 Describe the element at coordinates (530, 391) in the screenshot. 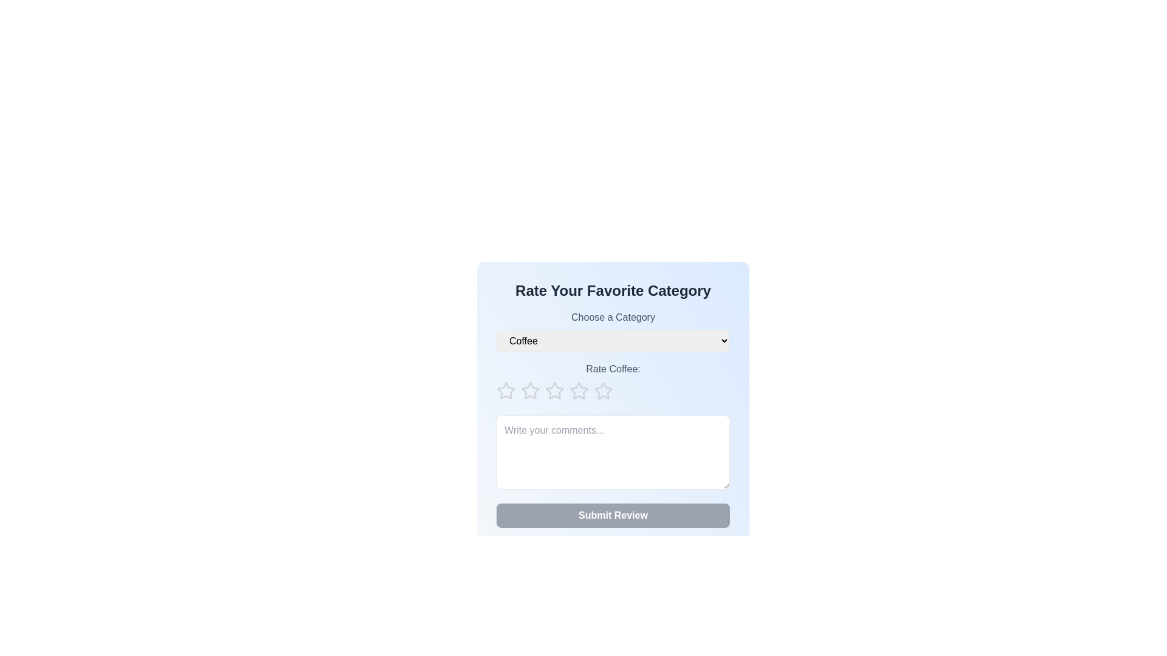

I see `the first rating star located under the heading 'Rate Coffee:'` at that location.